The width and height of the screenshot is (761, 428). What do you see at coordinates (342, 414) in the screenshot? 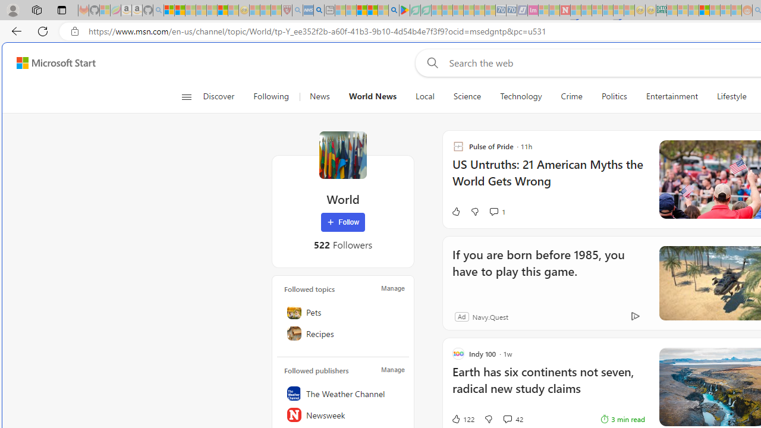
I see `'Newsweek'` at bounding box center [342, 414].